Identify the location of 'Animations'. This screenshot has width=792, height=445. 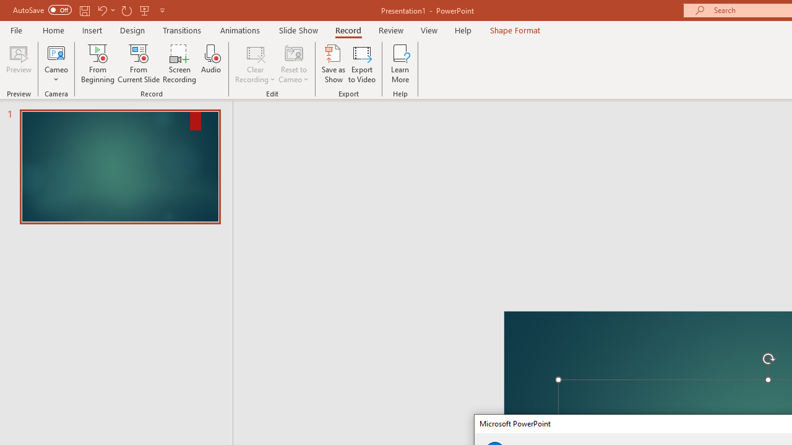
(240, 30).